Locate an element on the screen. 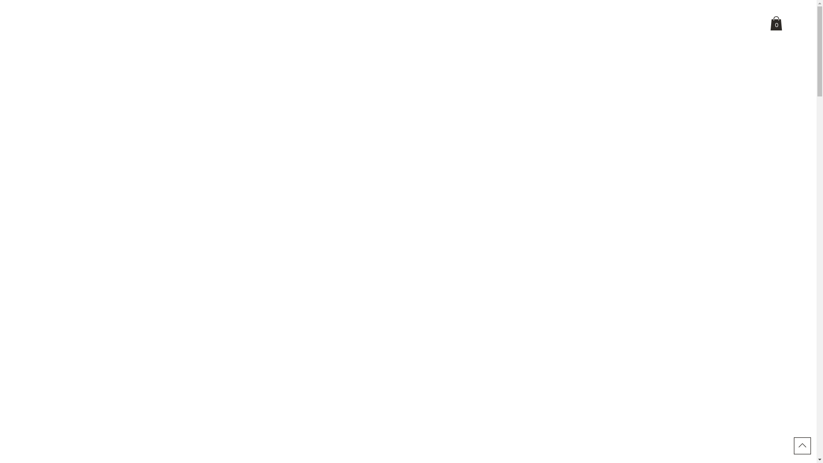 The height and width of the screenshot is (463, 823). '0' is located at coordinates (776, 23).